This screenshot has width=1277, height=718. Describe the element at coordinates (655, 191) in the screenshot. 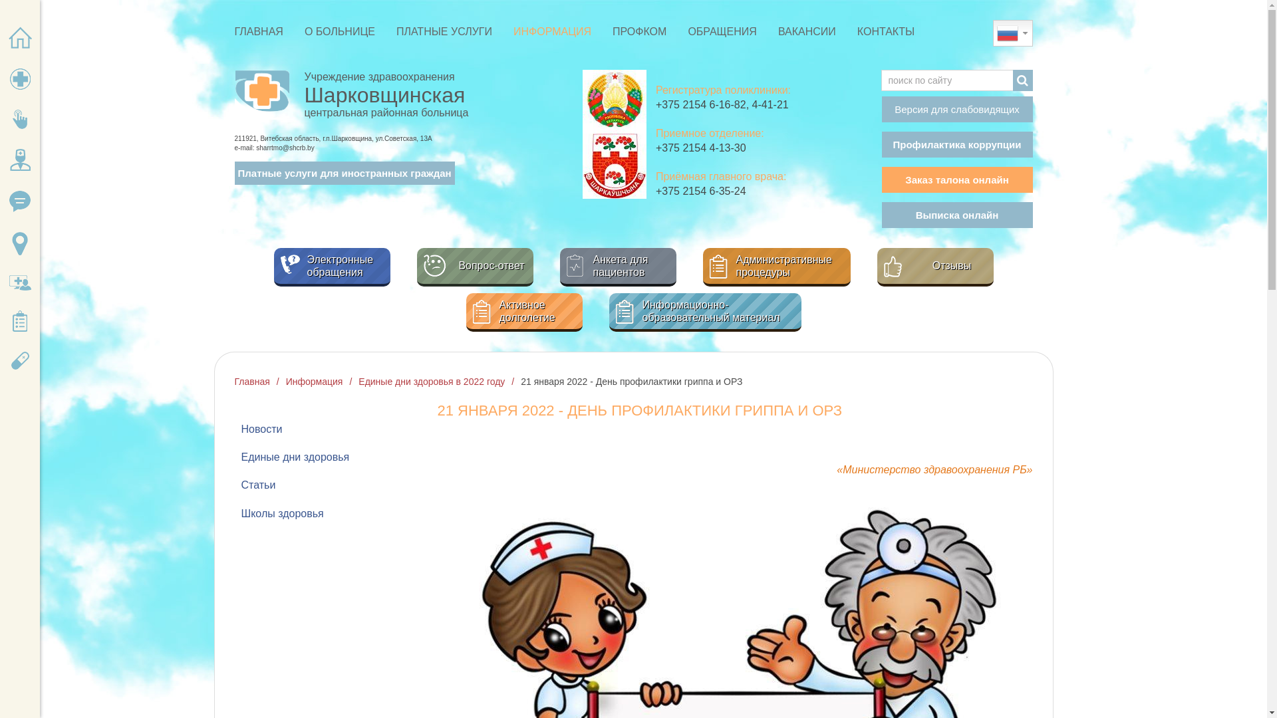

I see `'+375 2154 6-35-24'` at that location.